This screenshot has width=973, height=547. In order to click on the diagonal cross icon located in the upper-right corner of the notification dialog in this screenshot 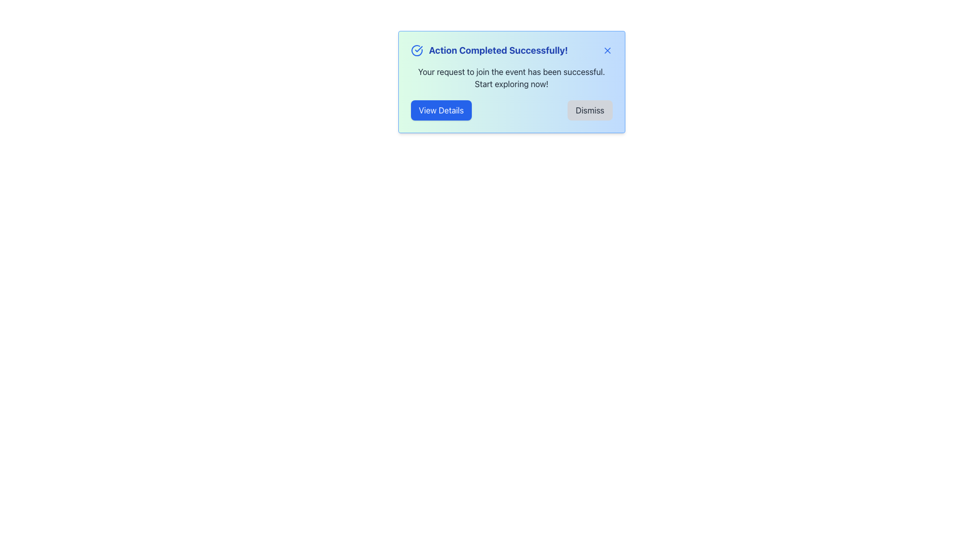, I will do `click(607, 51)`.